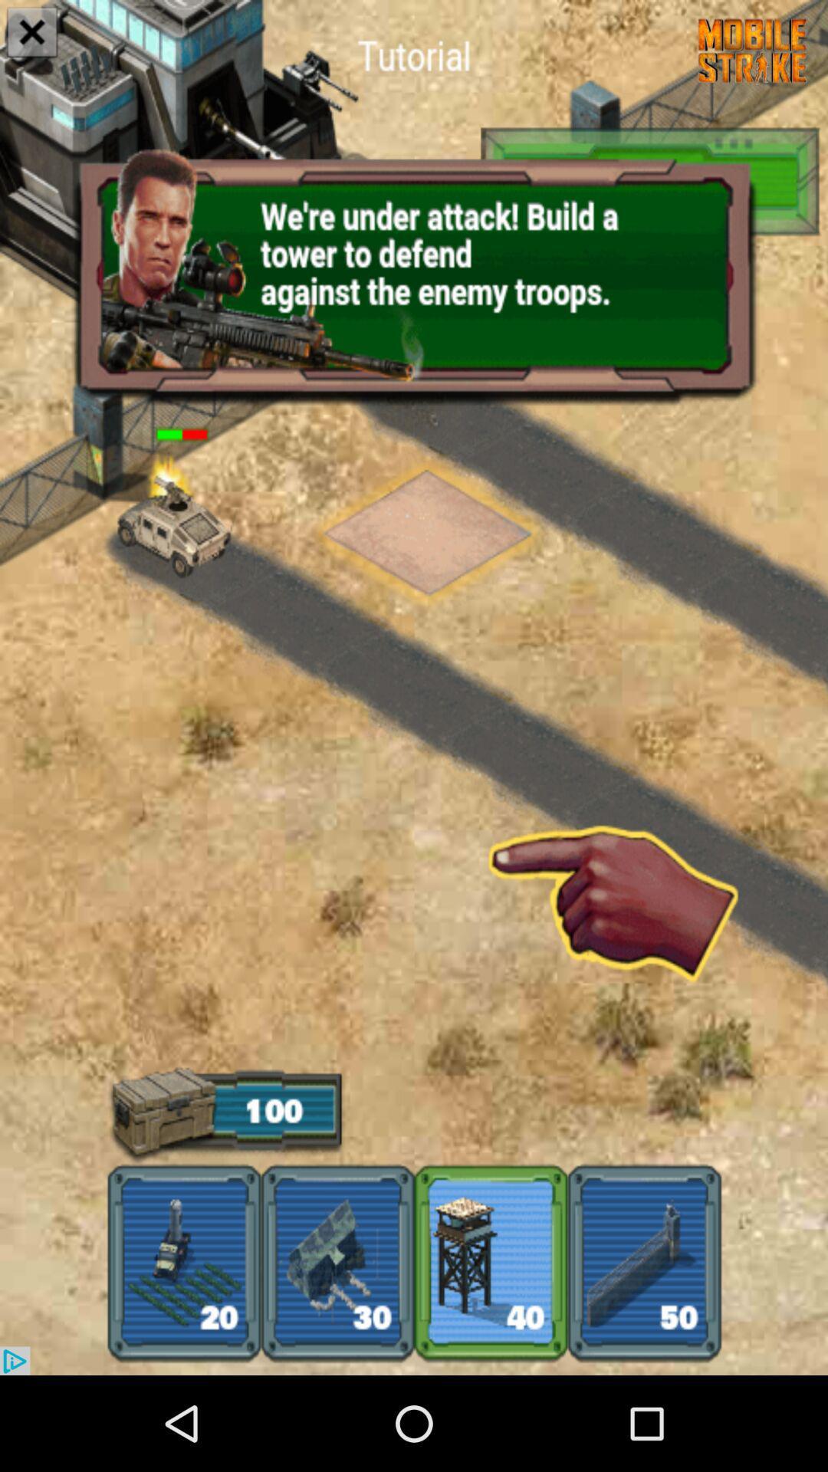 Image resolution: width=828 pixels, height=1472 pixels. Describe the element at coordinates (32, 34) in the screenshot. I see `the close icon` at that location.